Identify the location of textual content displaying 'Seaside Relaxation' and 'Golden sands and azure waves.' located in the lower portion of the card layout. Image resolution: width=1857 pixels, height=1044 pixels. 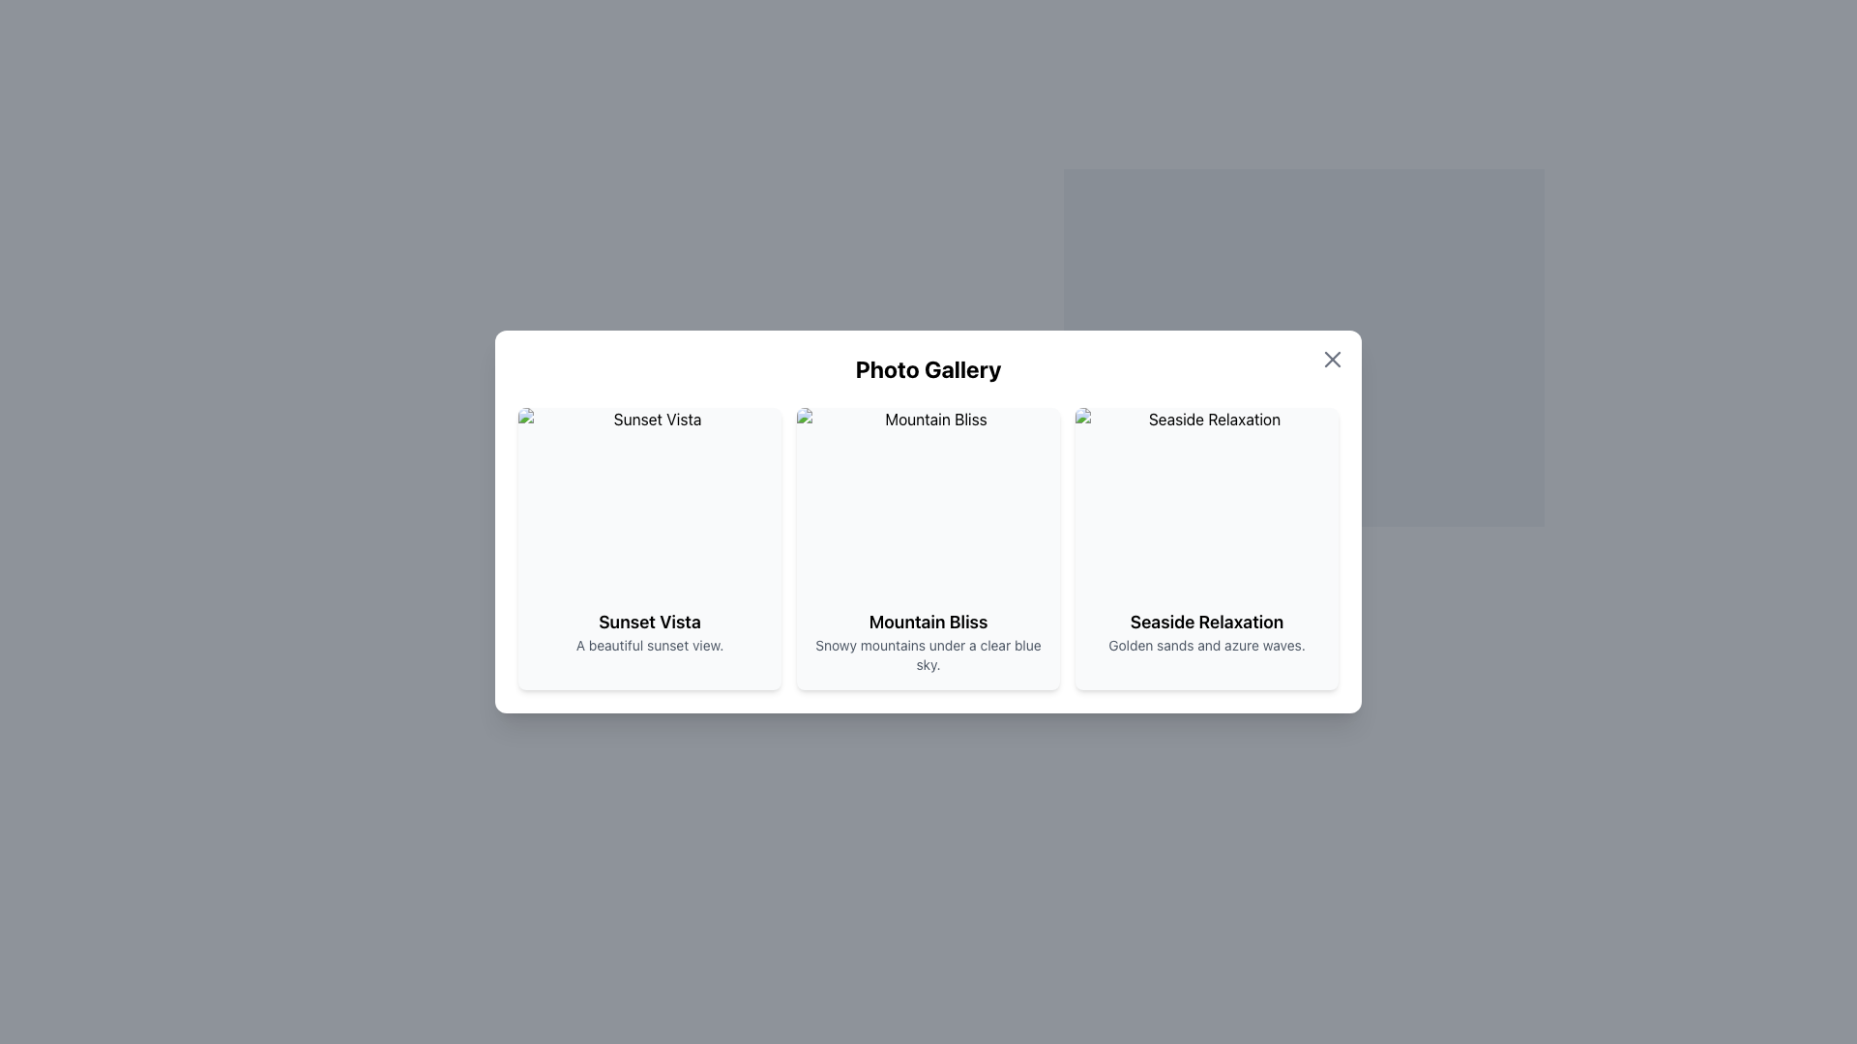
(1206, 632).